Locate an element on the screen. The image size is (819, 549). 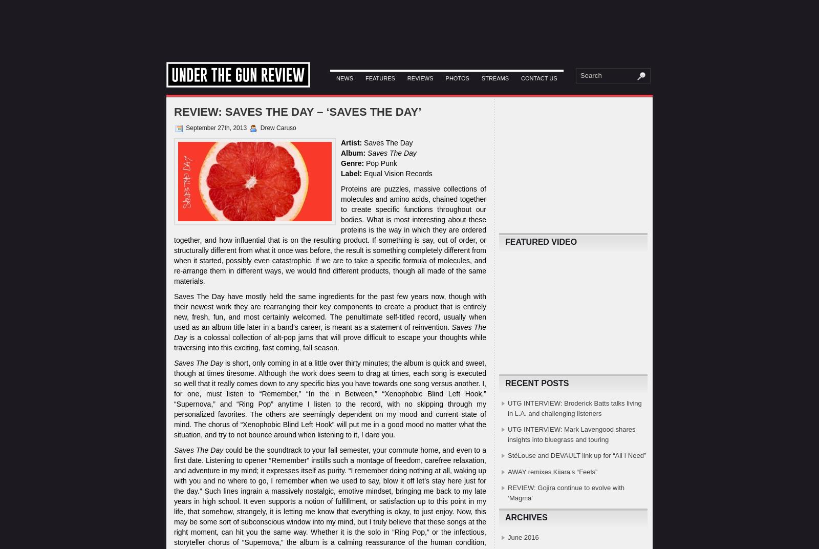
'Contact Us' is located at coordinates (521, 77).